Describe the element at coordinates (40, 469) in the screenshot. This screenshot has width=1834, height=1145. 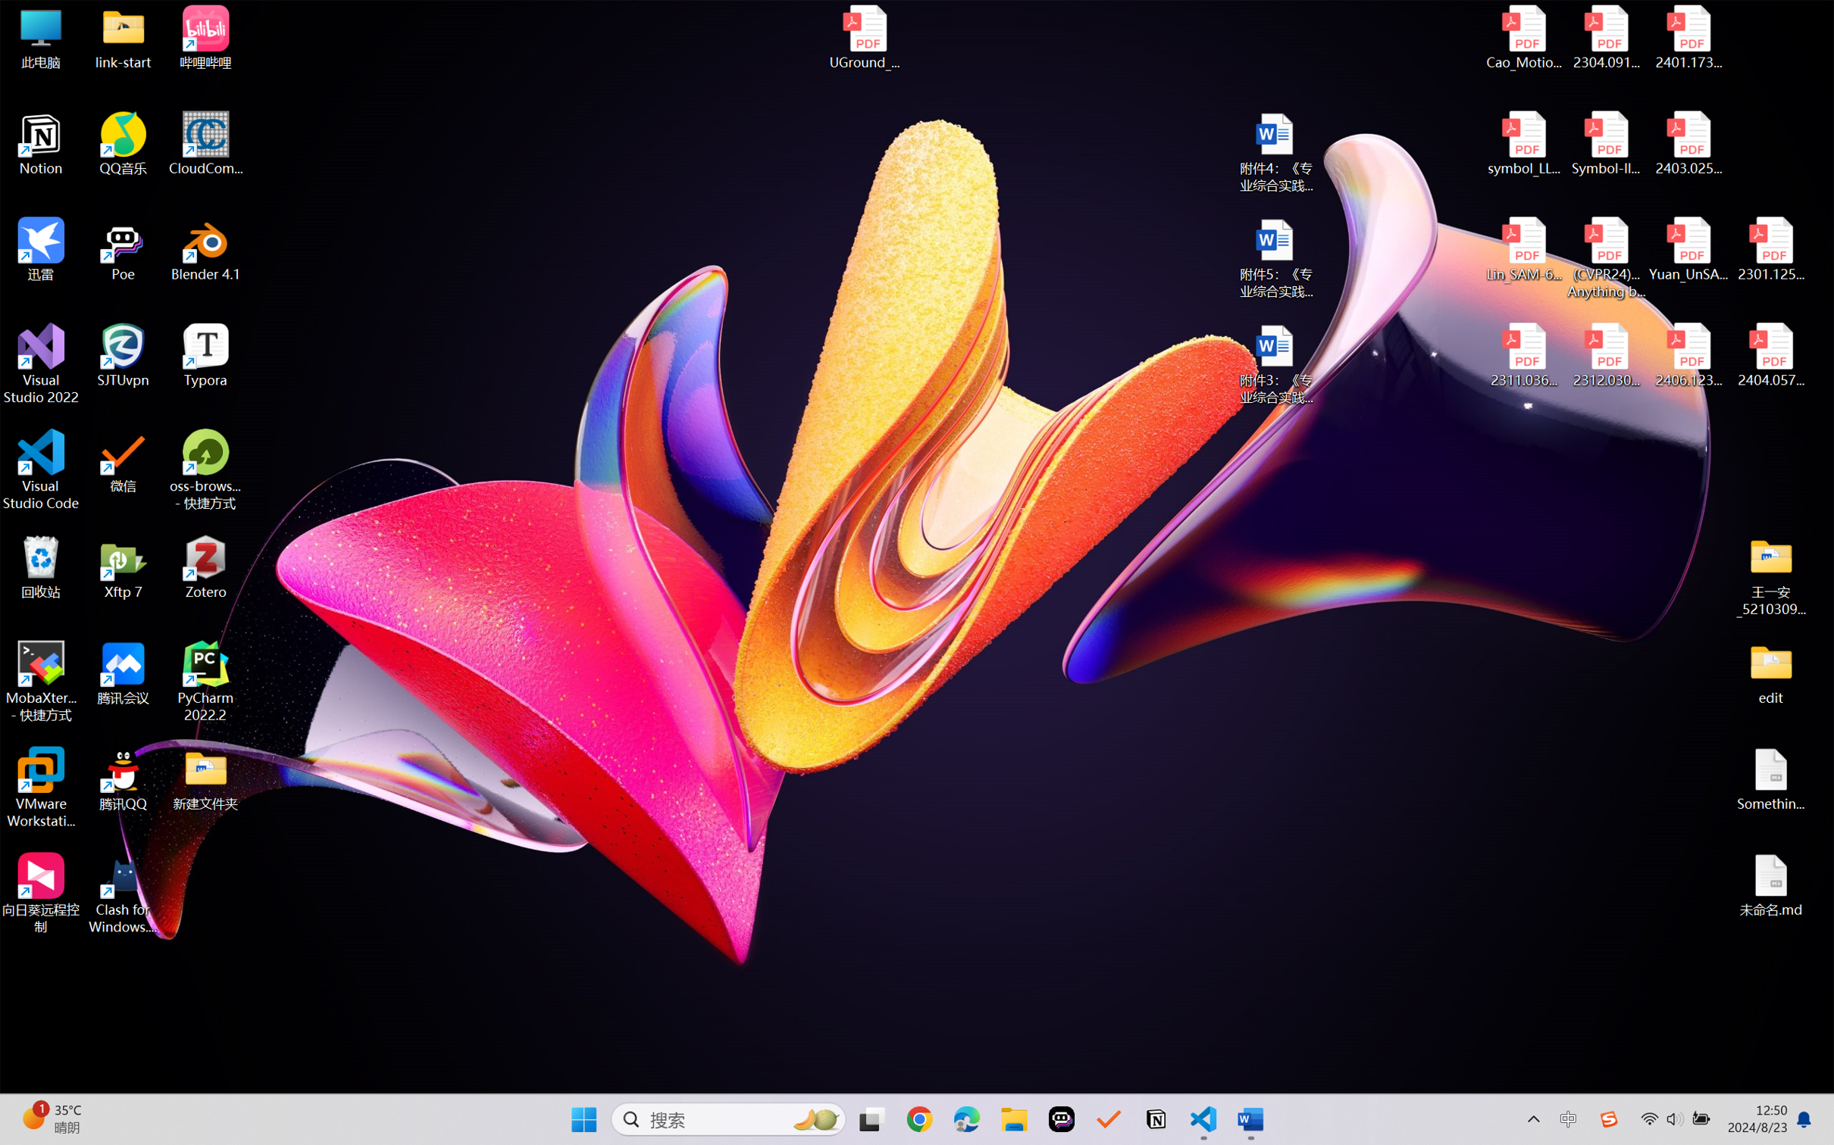
I see `'Visual Studio Code'` at that location.